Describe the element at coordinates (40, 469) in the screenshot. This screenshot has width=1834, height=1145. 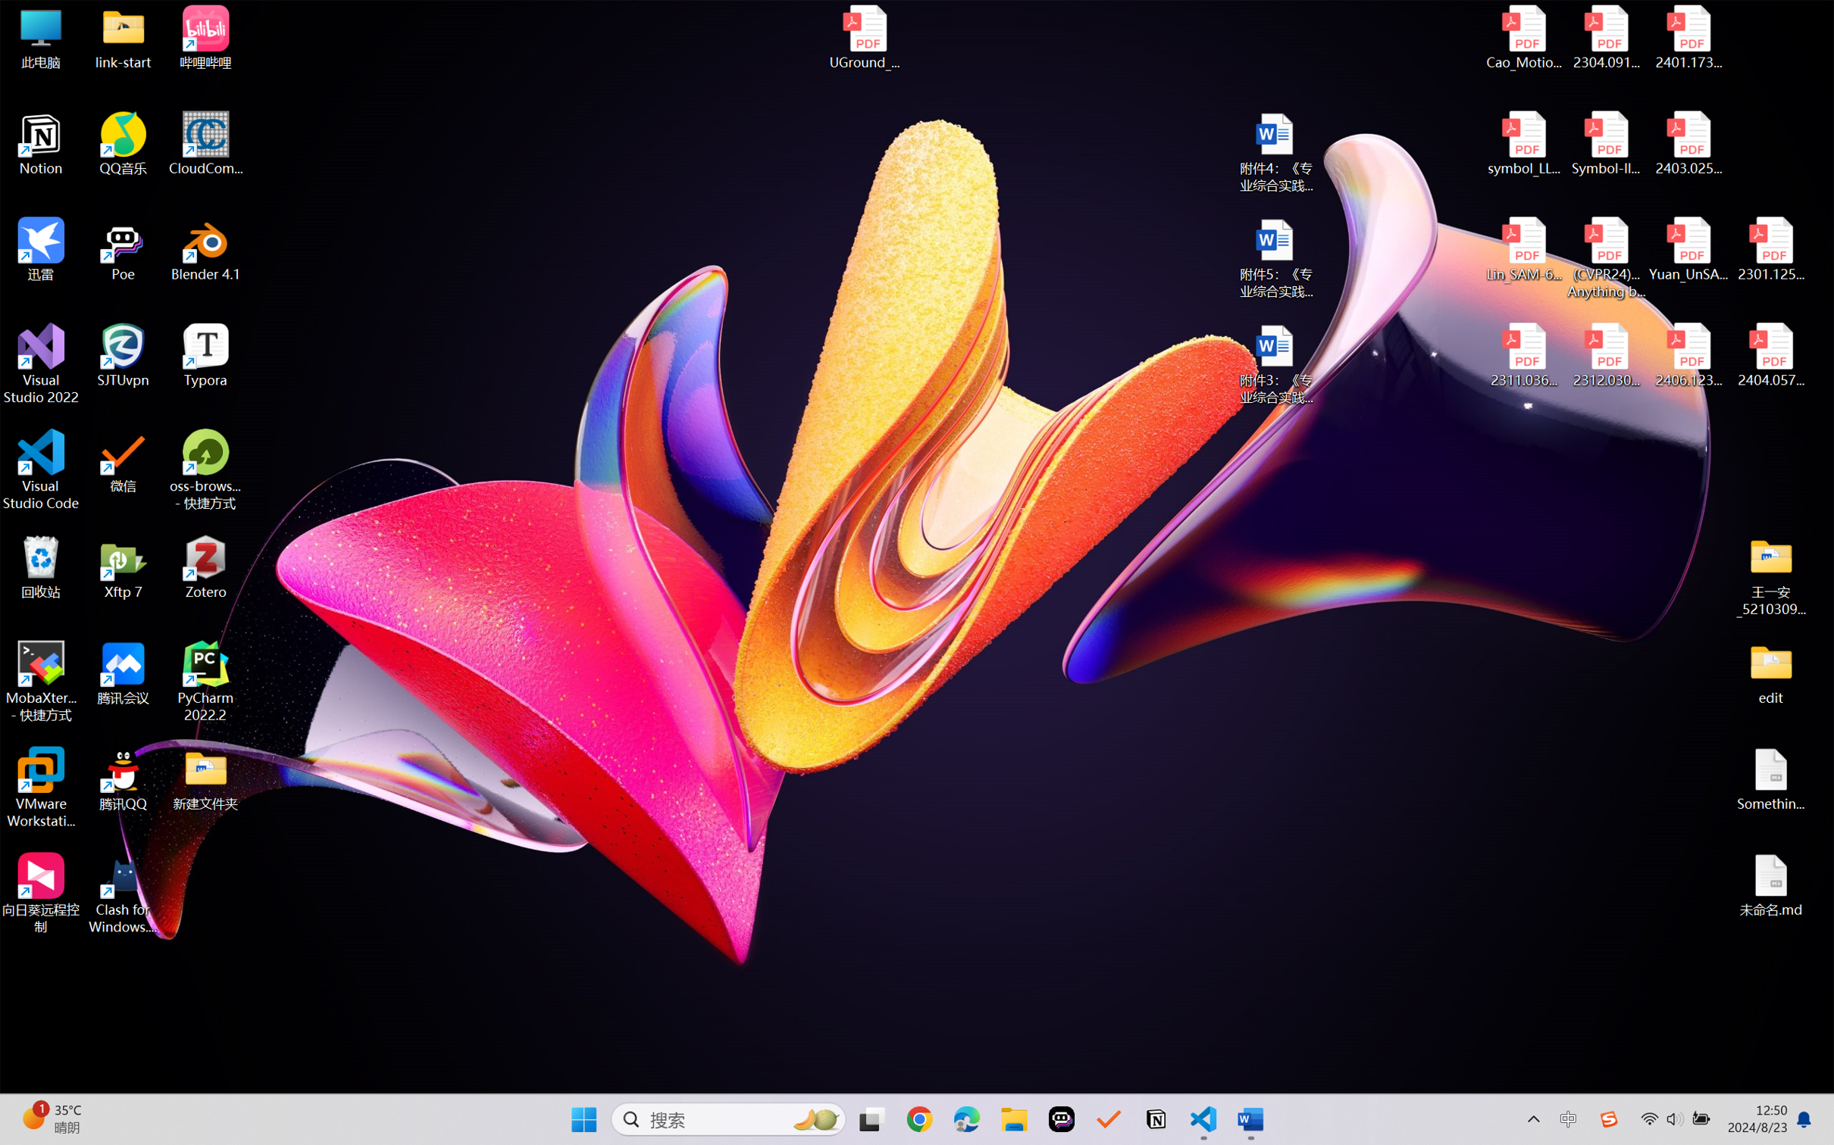
I see `'Visual Studio Code'` at that location.